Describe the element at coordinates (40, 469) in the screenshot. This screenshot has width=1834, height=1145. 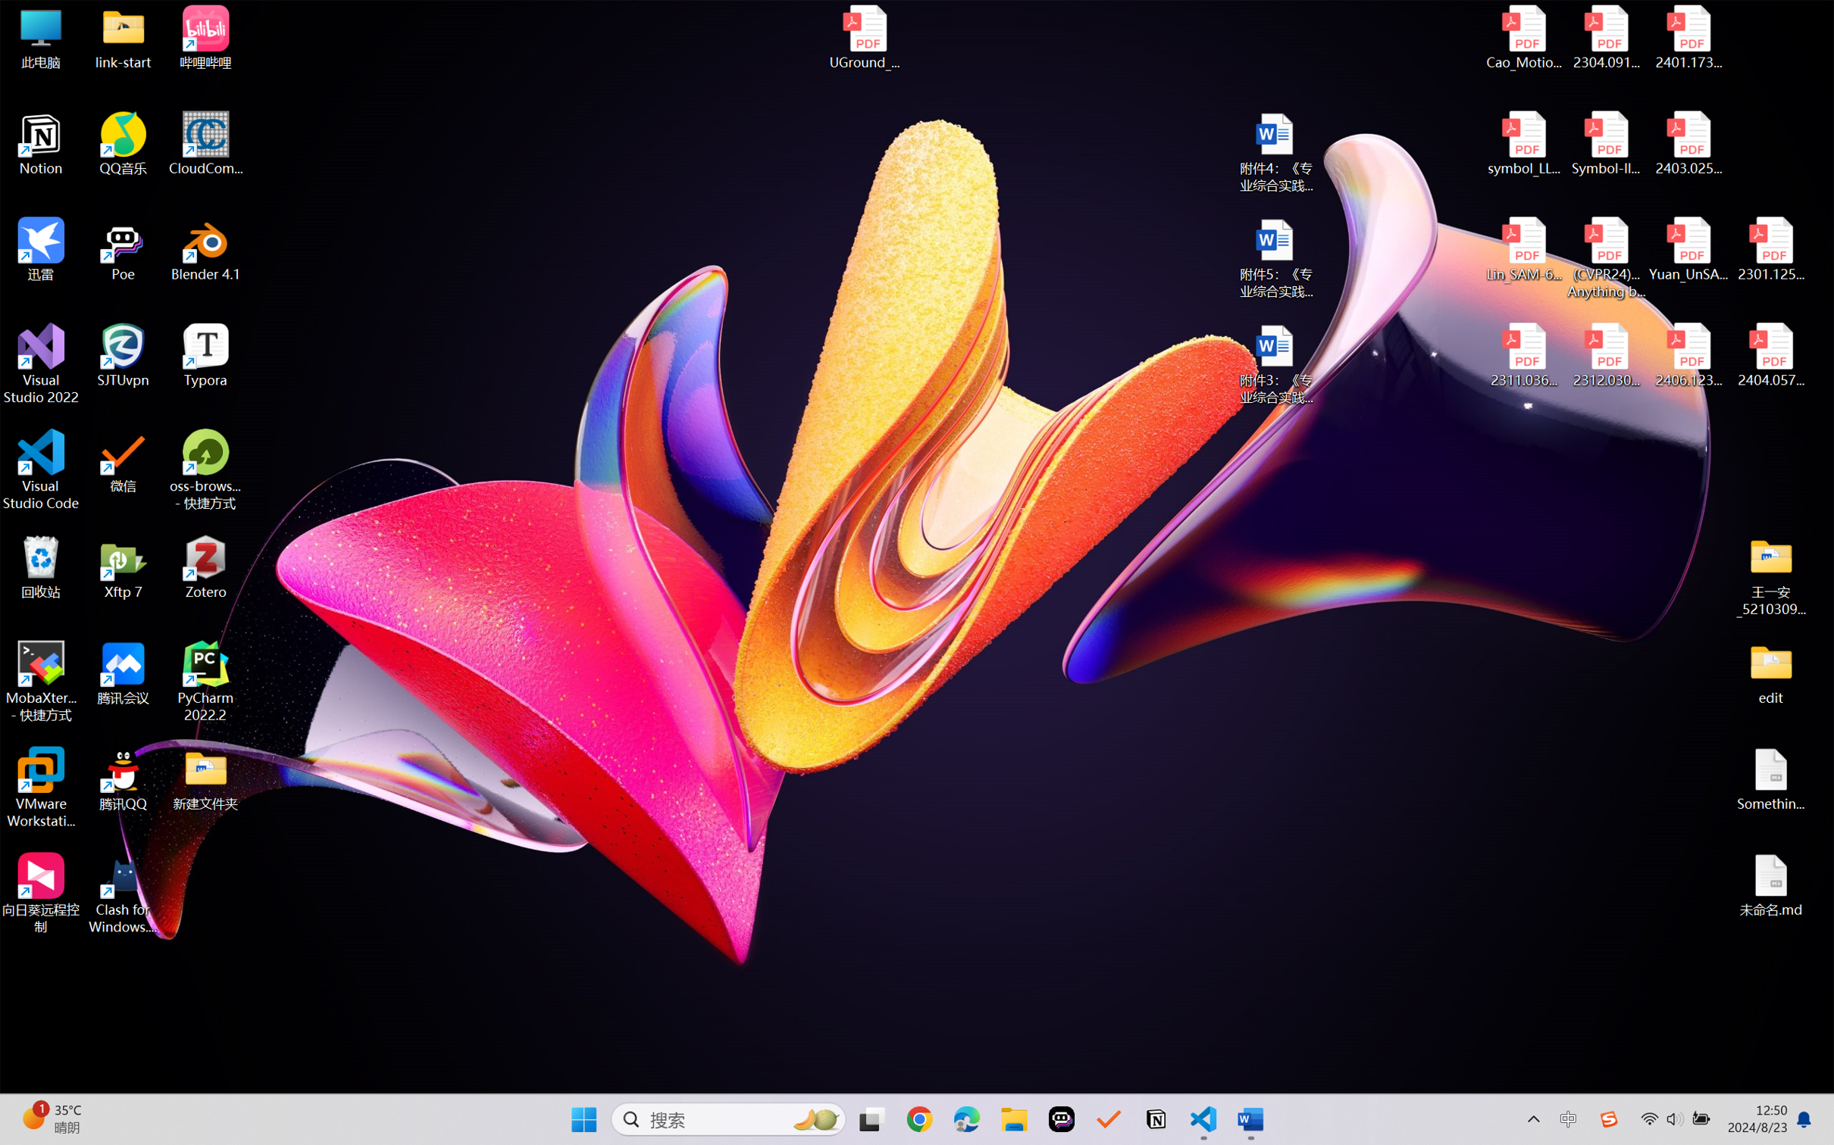
I see `'Visual Studio Code'` at that location.